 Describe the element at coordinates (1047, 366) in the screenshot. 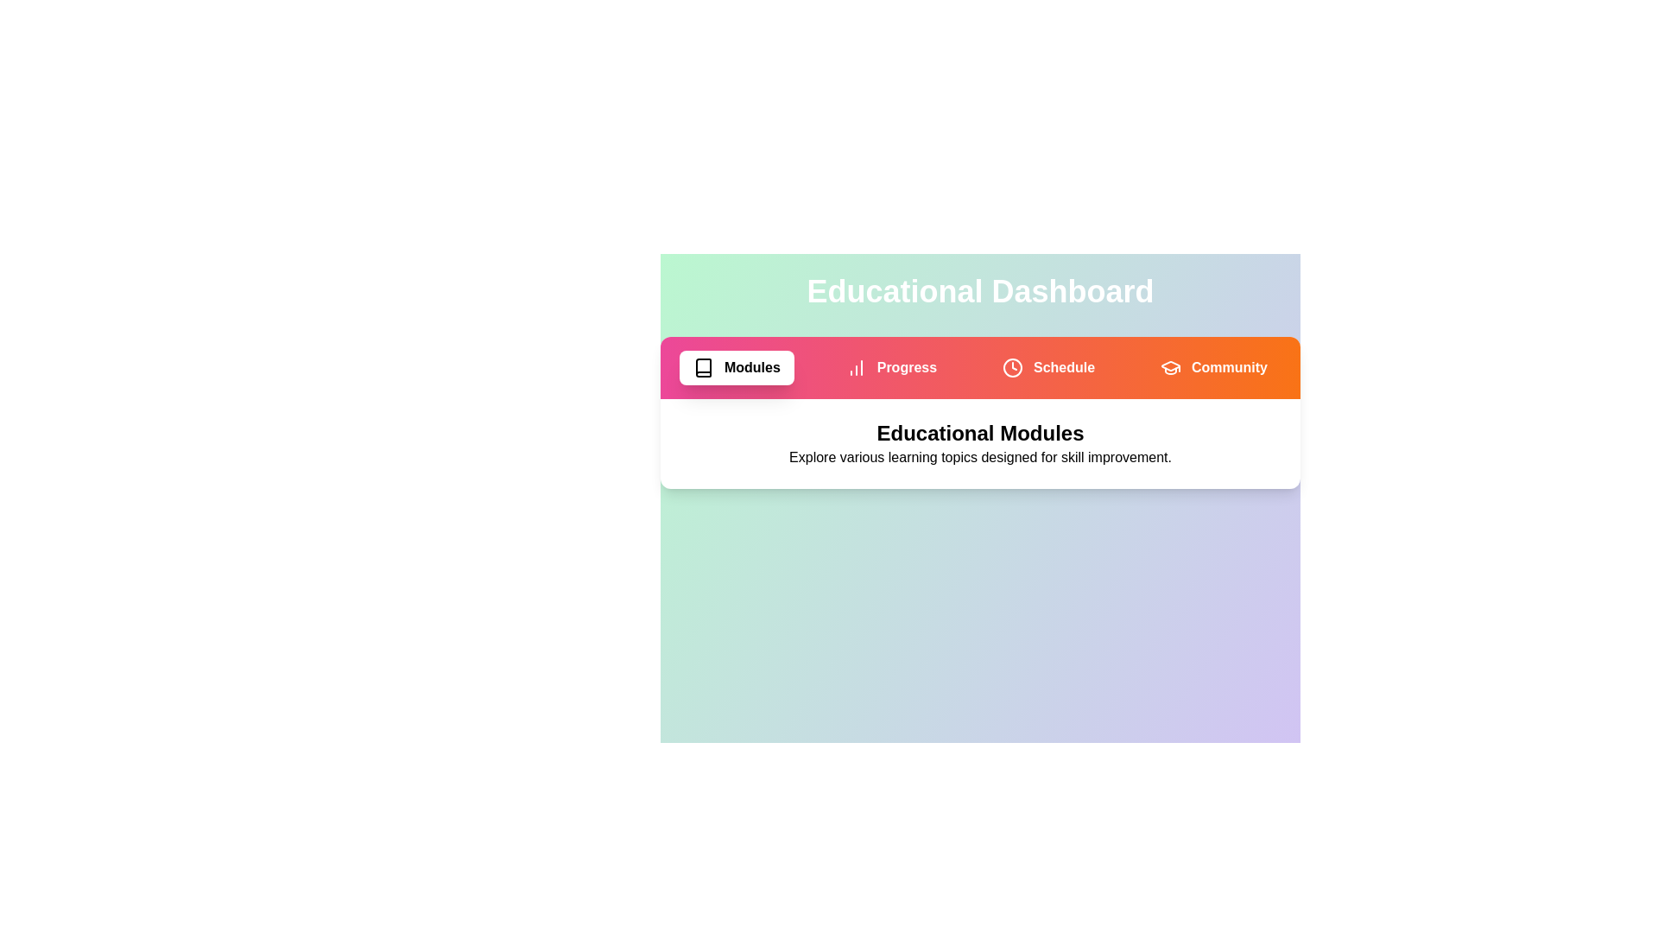

I see `the navigation button that redirects to the 'Schedule' section, located as the third button in a row of four at the top center of the interface` at that location.